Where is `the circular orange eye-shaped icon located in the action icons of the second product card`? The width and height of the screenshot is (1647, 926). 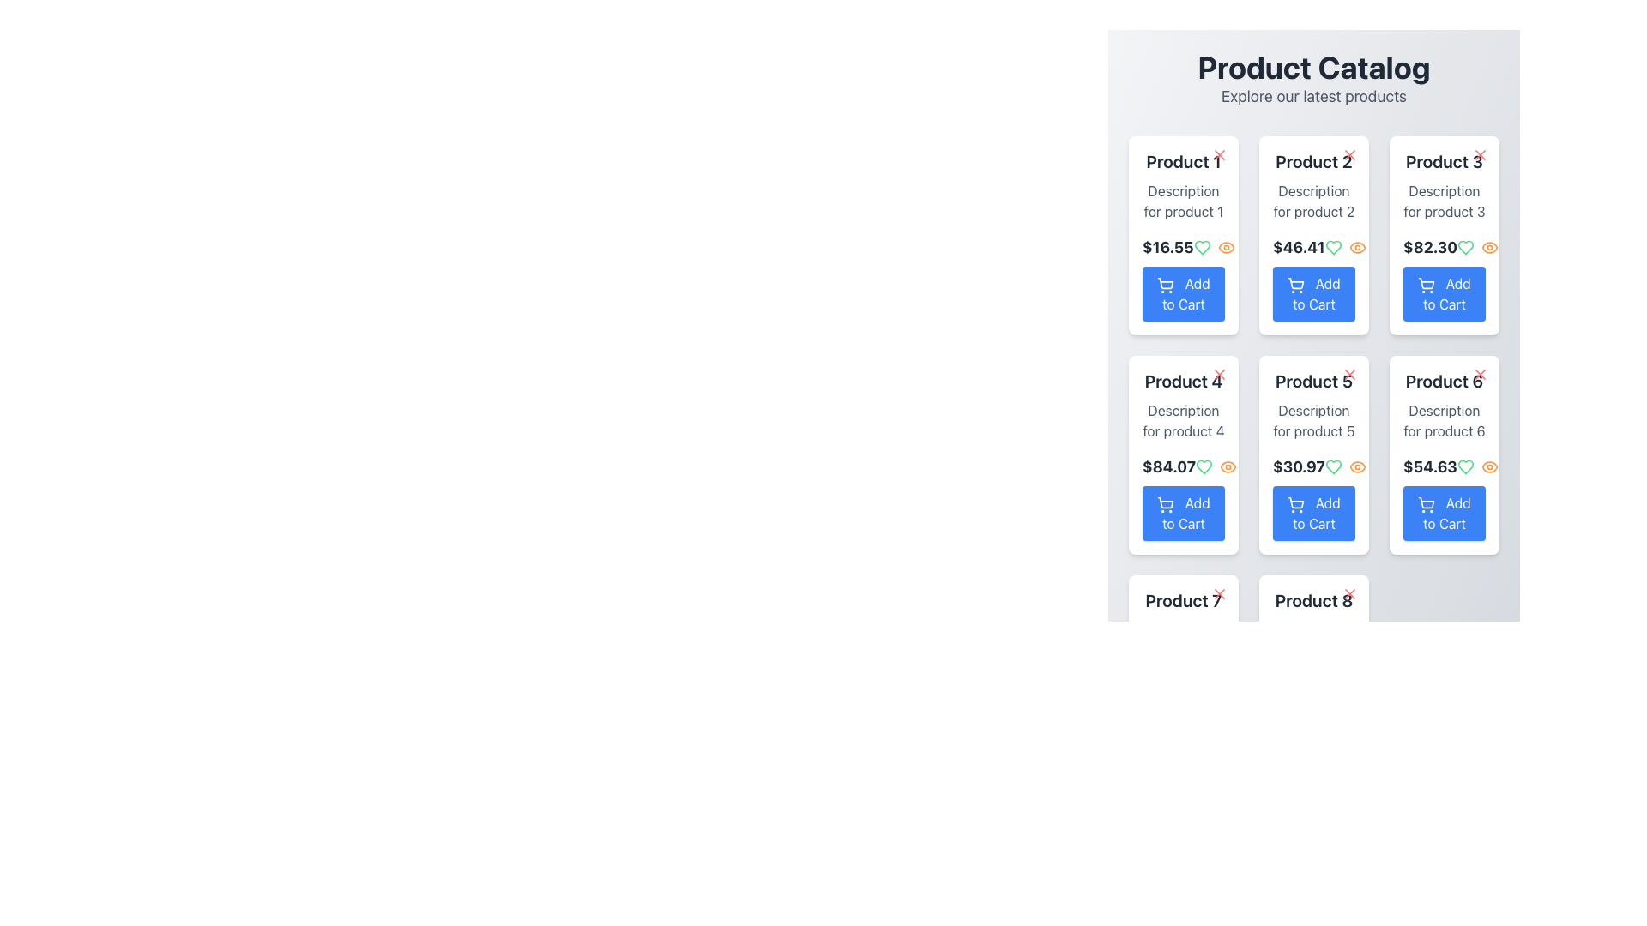
the circular orange eye-shaped icon located in the action icons of the second product card is located at coordinates (1356, 248).